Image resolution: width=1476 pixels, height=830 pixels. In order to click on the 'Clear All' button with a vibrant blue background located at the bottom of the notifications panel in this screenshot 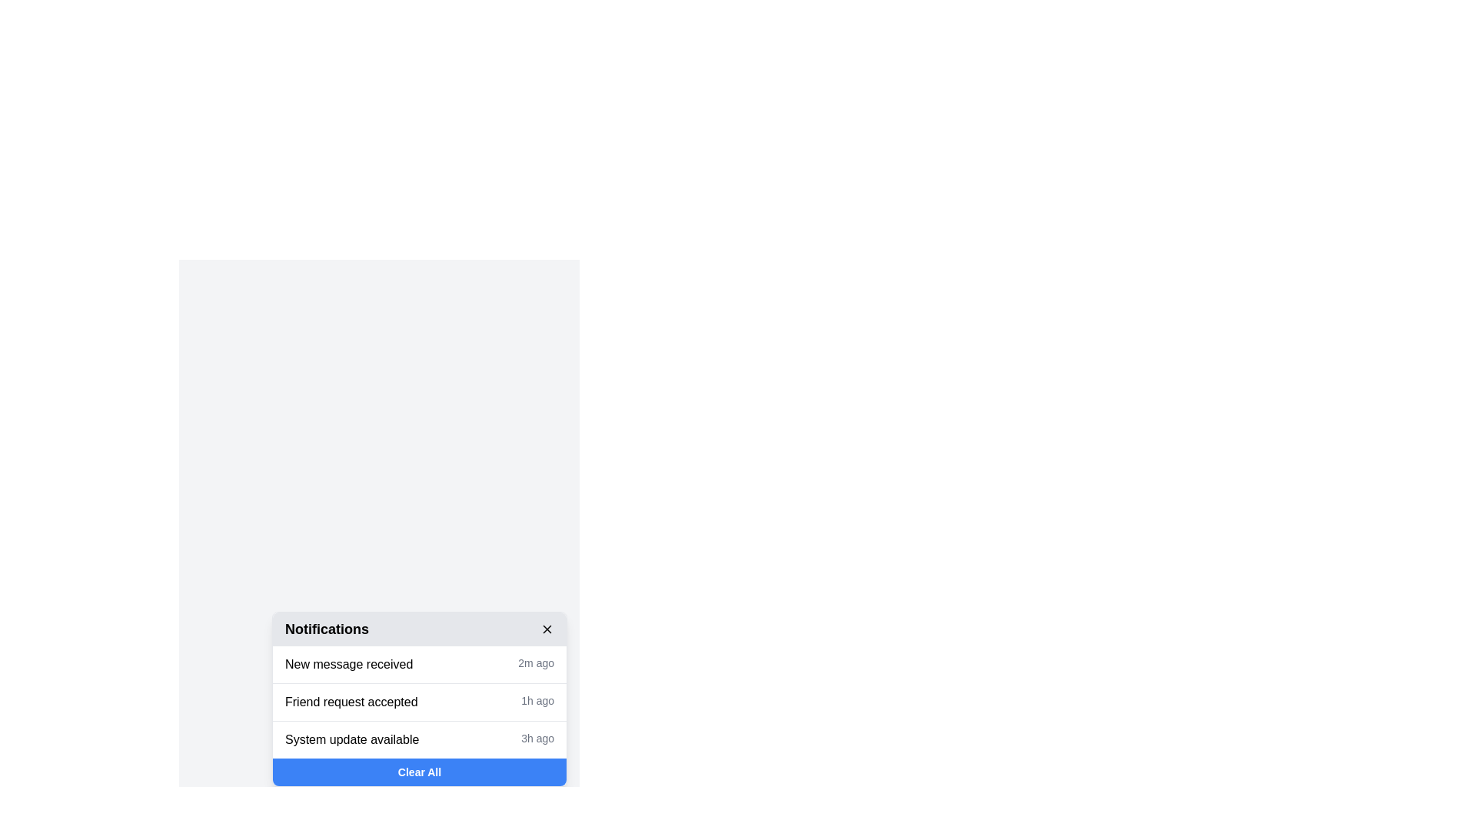, I will do `click(420, 772)`.